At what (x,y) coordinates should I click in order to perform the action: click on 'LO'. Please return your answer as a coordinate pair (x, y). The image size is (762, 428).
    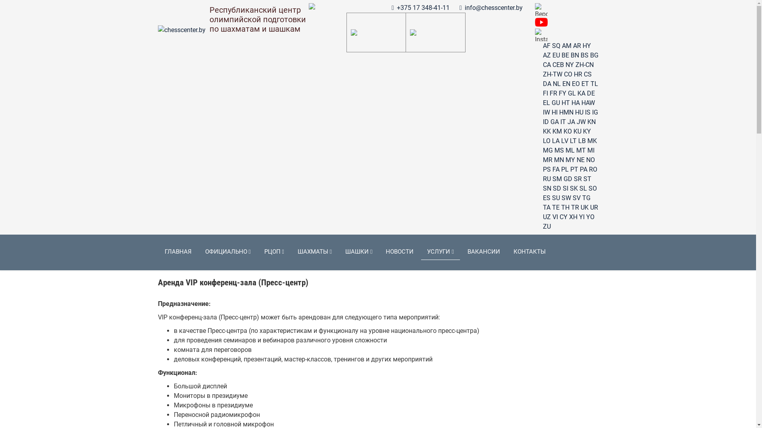
    Looking at the image, I should click on (546, 140).